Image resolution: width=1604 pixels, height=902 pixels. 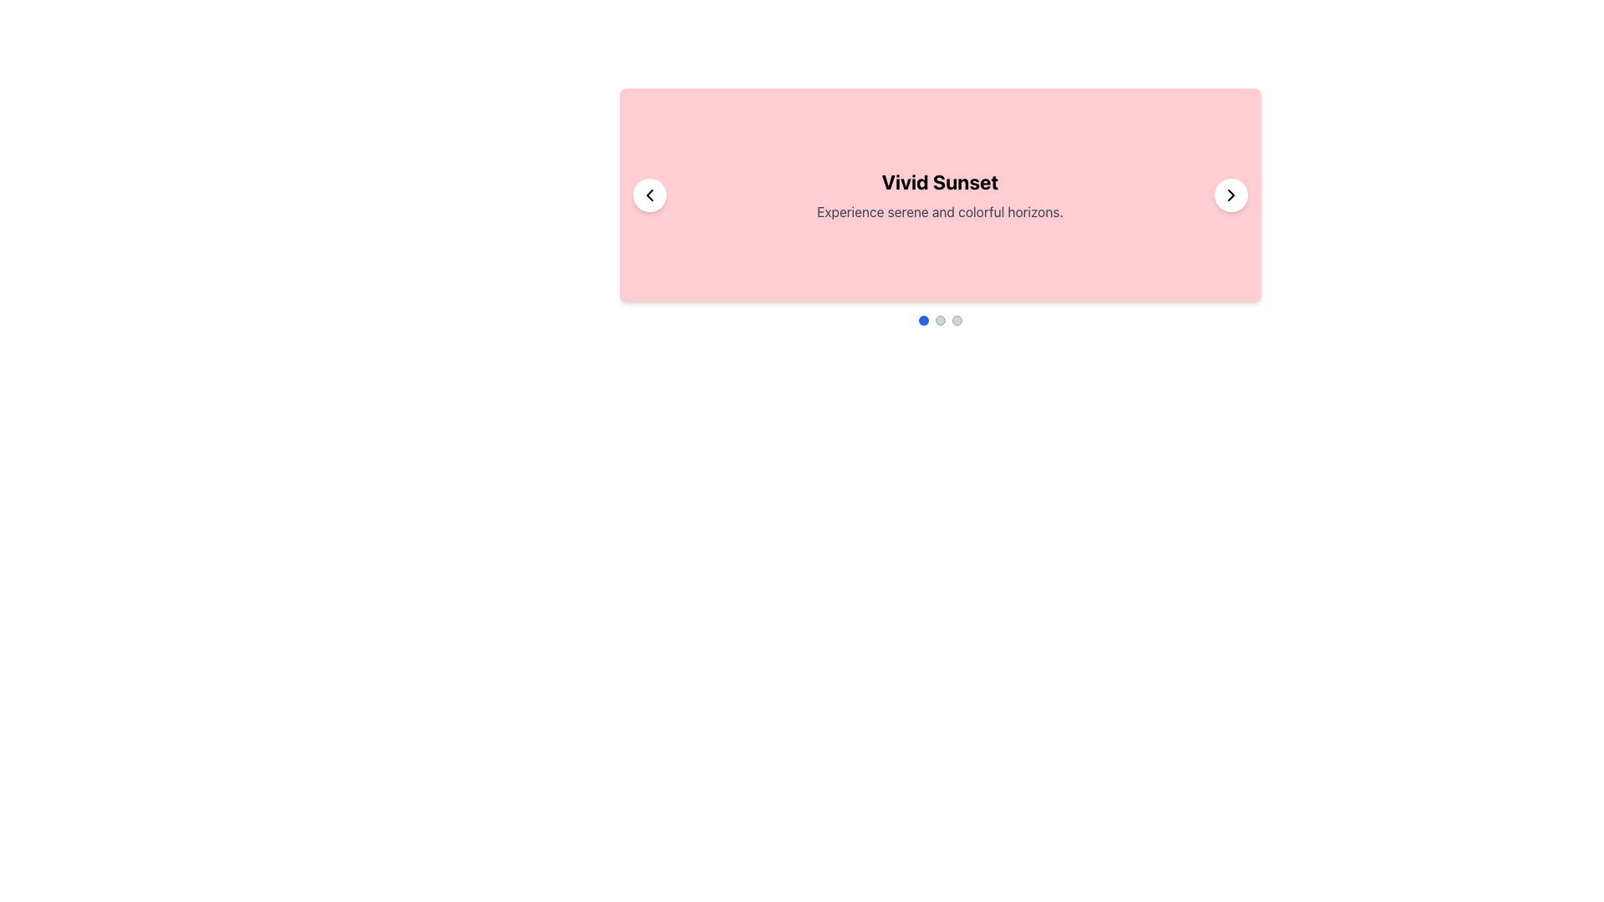 I want to click on the navigational button on the right side of the pink card labeled 'Vivid Sunset - Experience serene and colorful horizons', so click(x=1231, y=195).